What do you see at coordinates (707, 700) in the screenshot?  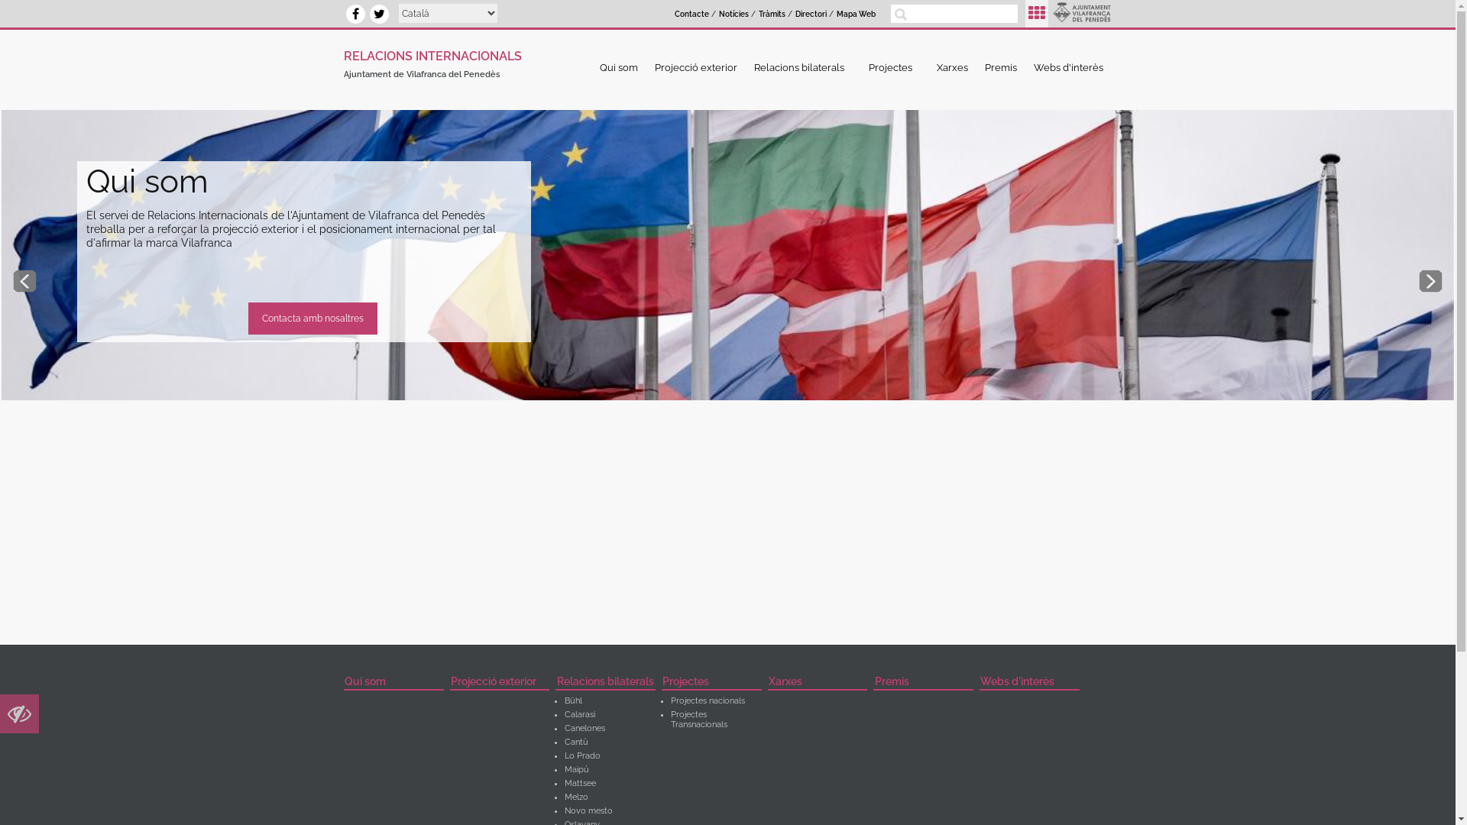 I see `'Projectes nacionals'` at bounding box center [707, 700].